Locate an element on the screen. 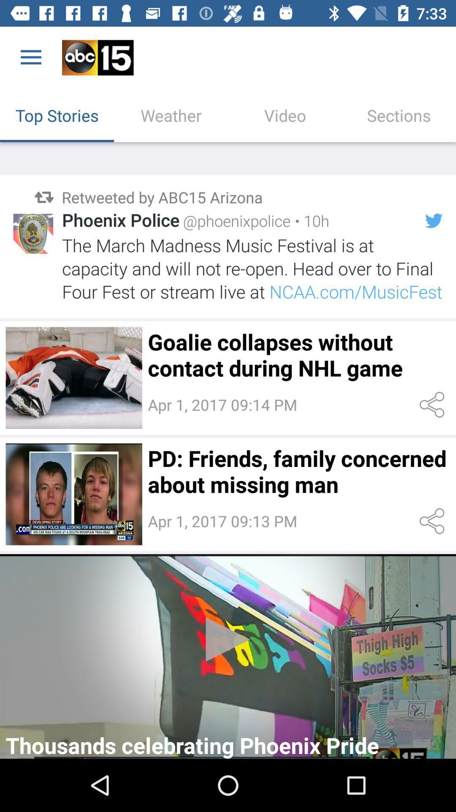 The image size is (456, 812). watch the video is located at coordinates (228, 656).